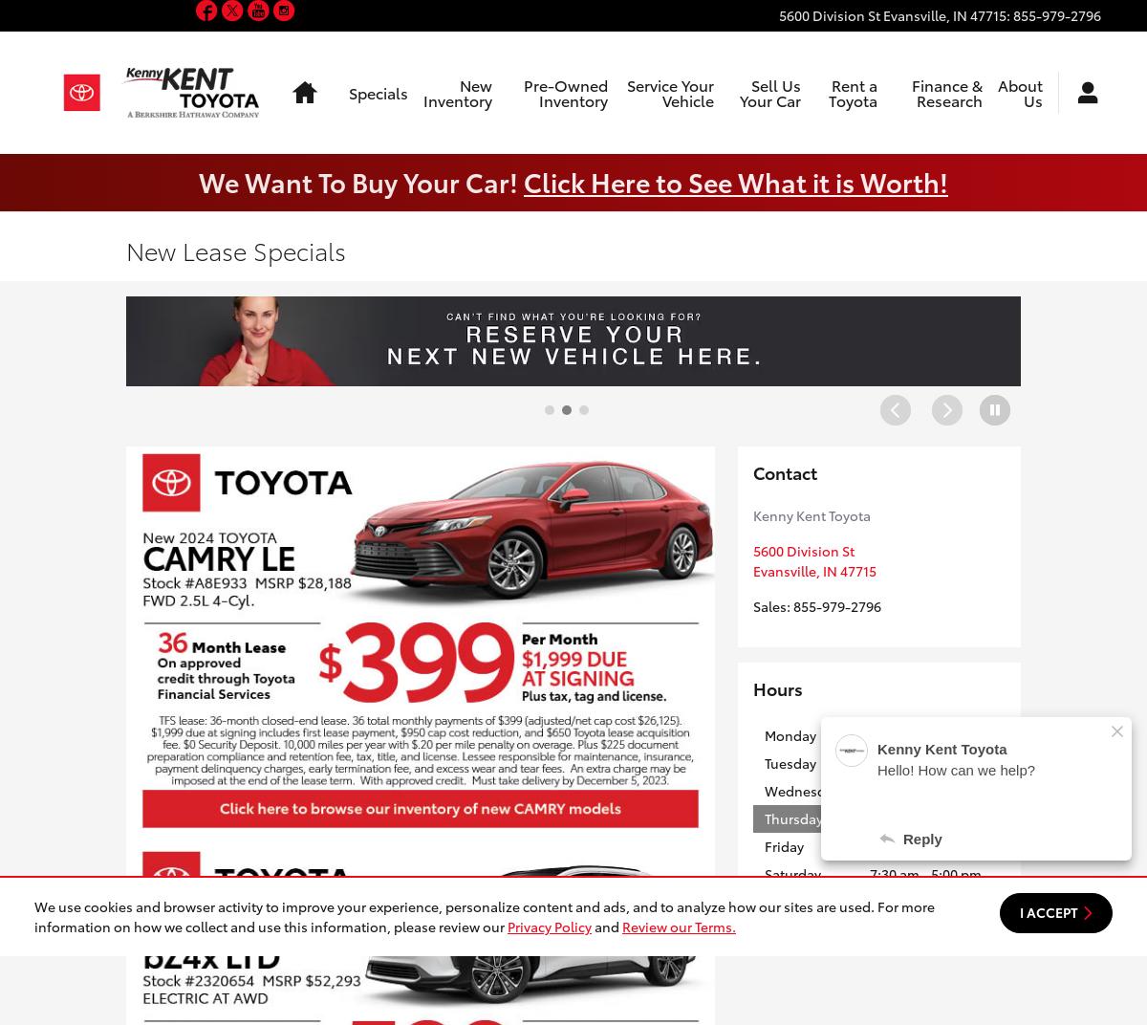 The width and height of the screenshot is (1147, 1025). Describe the element at coordinates (735, 179) in the screenshot. I see `'Click Here to See What it is Worth!'` at that location.